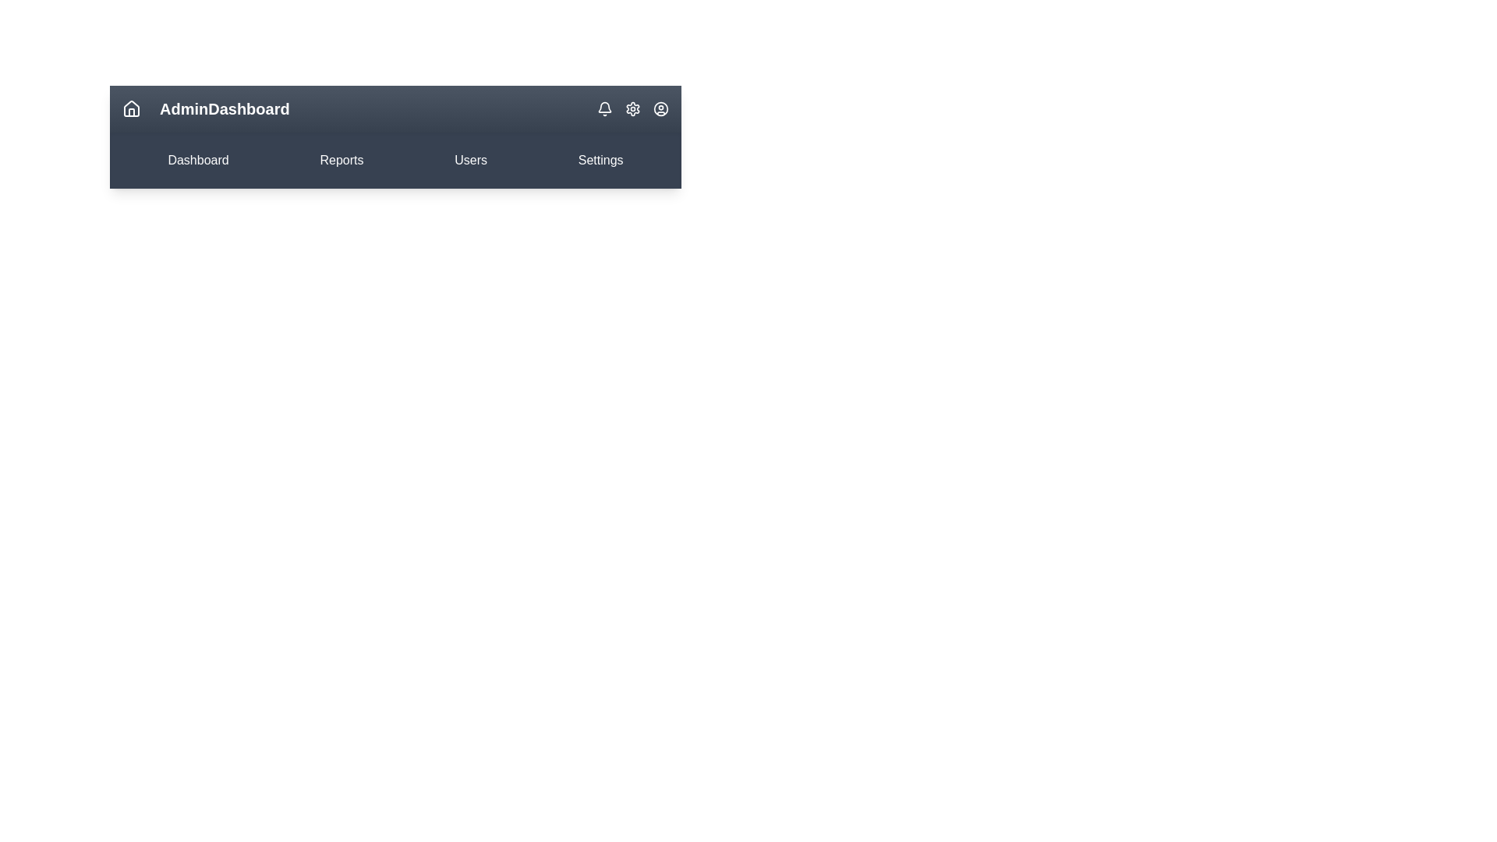 The width and height of the screenshot is (1497, 842). I want to click on the User icon to open the user options menu, so click(661, 108).